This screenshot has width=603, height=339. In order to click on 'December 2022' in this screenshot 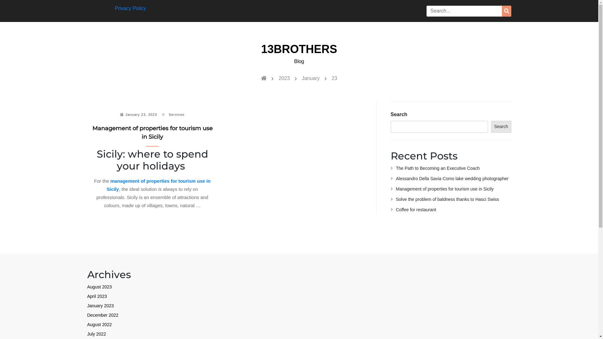, I will do `click(87, 315)`.